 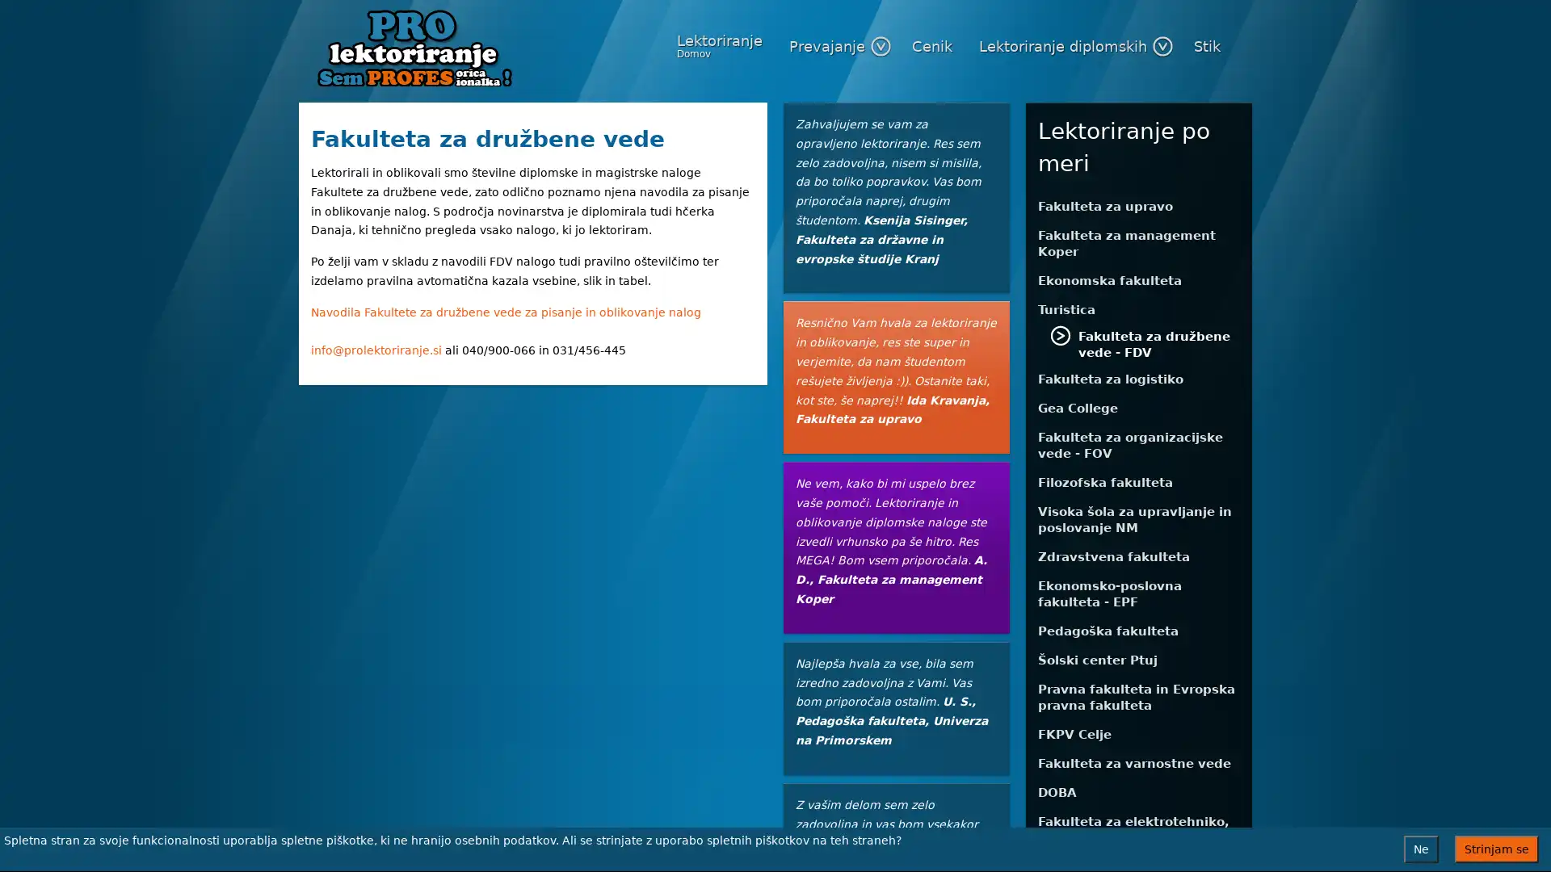 What do you see at coordinates (1495, 849) in the screenshot?
I see `Strinjam se` at bounding box center [1495, 849].